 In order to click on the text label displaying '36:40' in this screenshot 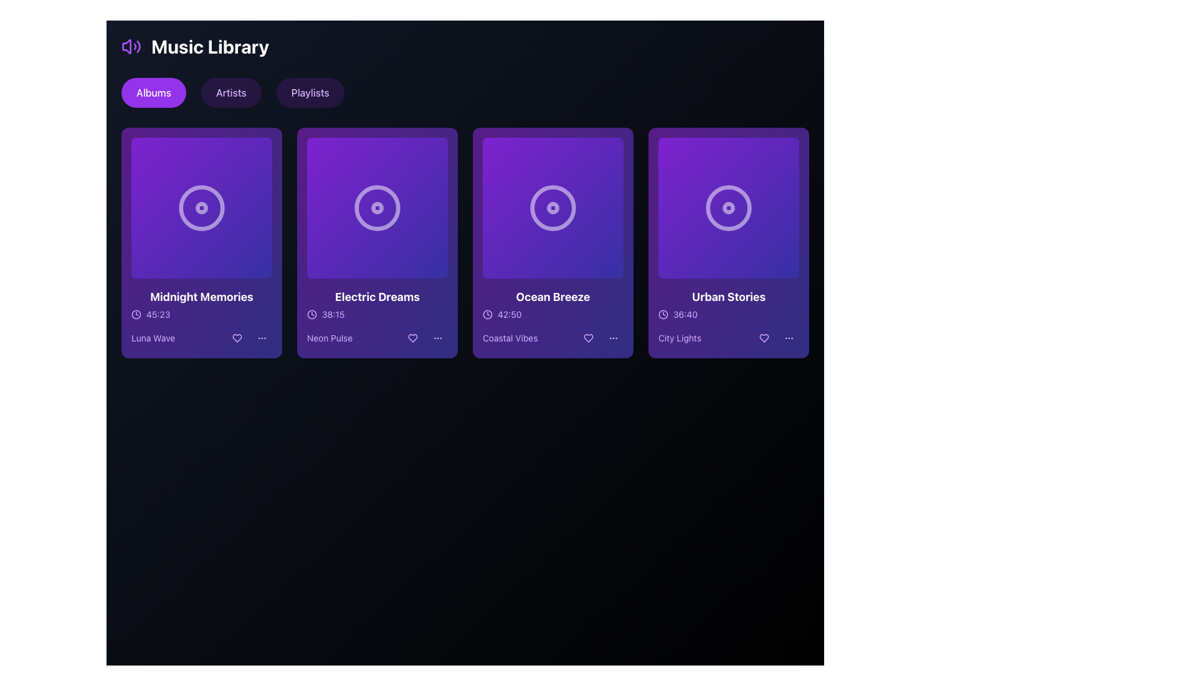, I will do `click(685, 314)`.